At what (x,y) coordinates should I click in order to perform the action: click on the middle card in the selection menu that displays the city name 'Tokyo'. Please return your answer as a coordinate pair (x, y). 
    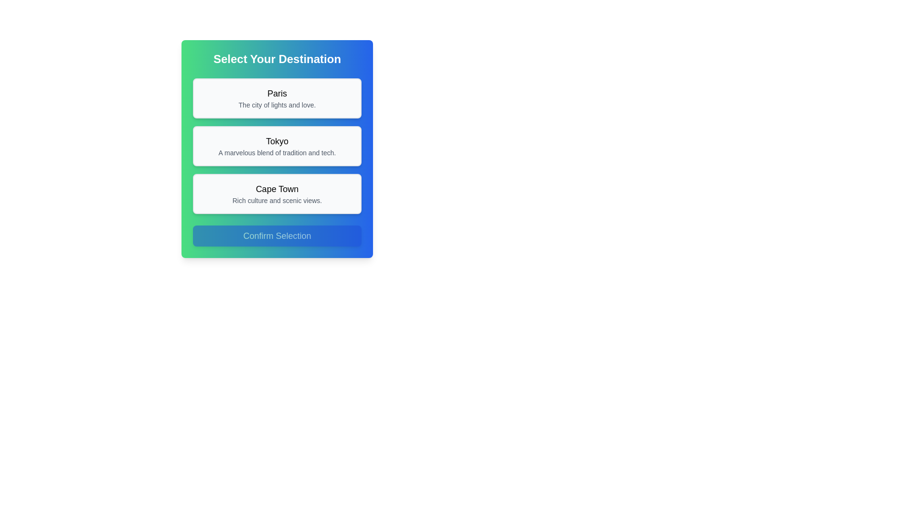
    Looking at the image, I should click on (277, 146).